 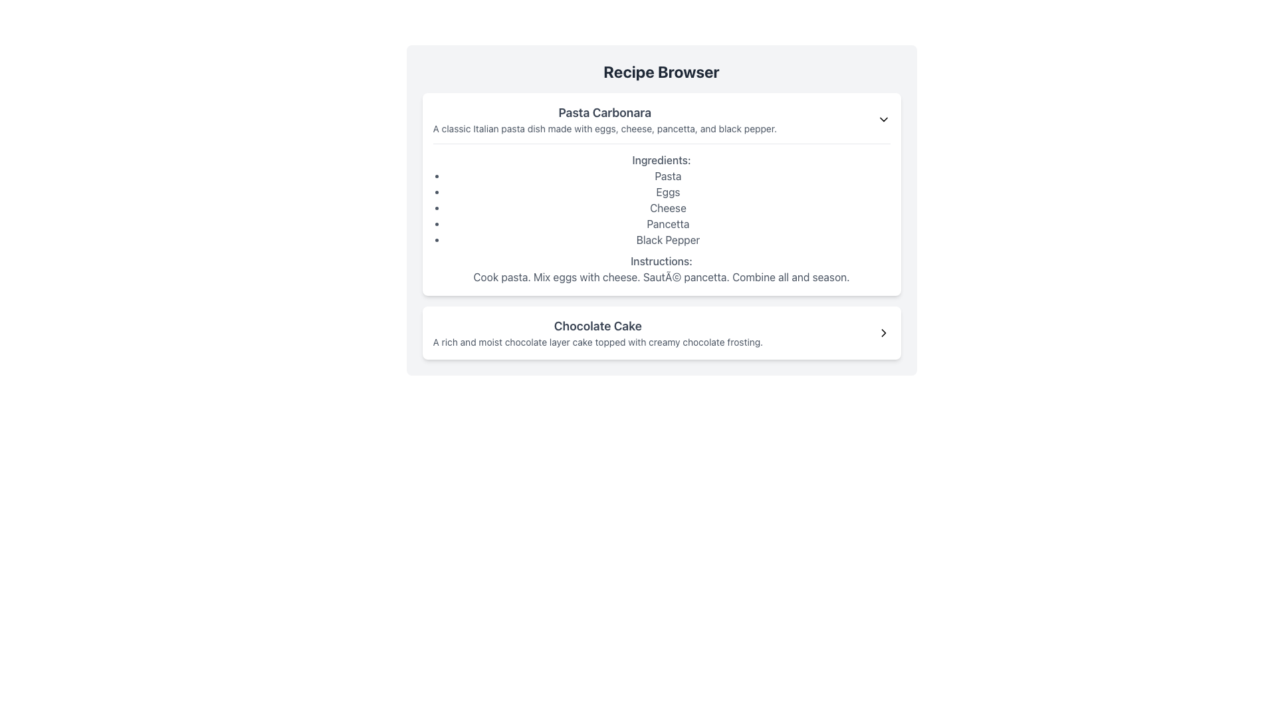 I want to click on the heading 'Pasta Carbonara' in the Recipe Browser section, so click(x=604, y=120).